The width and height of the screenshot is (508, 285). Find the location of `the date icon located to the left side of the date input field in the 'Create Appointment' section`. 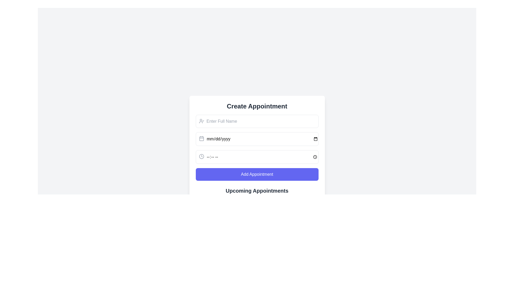

the date icon located to the left side of the date input field in the 'Create Appointment' section is located at coordinates (201, 138).